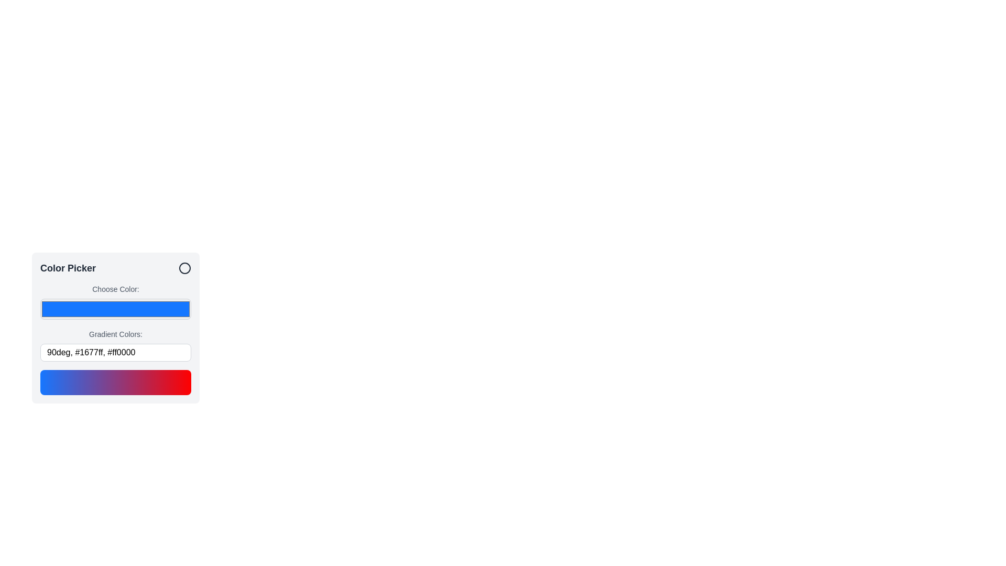 This screenshot has height=566, width=1006. I want to click on the text input field for gradient color specifications located in the 'Color Picker' module, beneath the label 'Gradient Colors:', to place the cursor inside the input box, so click(115, 352).